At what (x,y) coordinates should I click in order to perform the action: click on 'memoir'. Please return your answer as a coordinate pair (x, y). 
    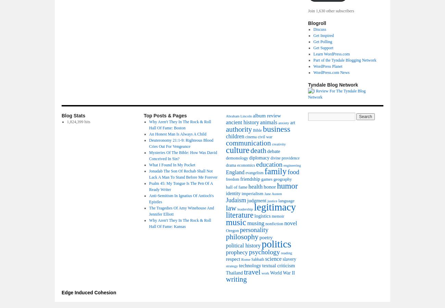
    Looking at the image, I should click on (277, 216).